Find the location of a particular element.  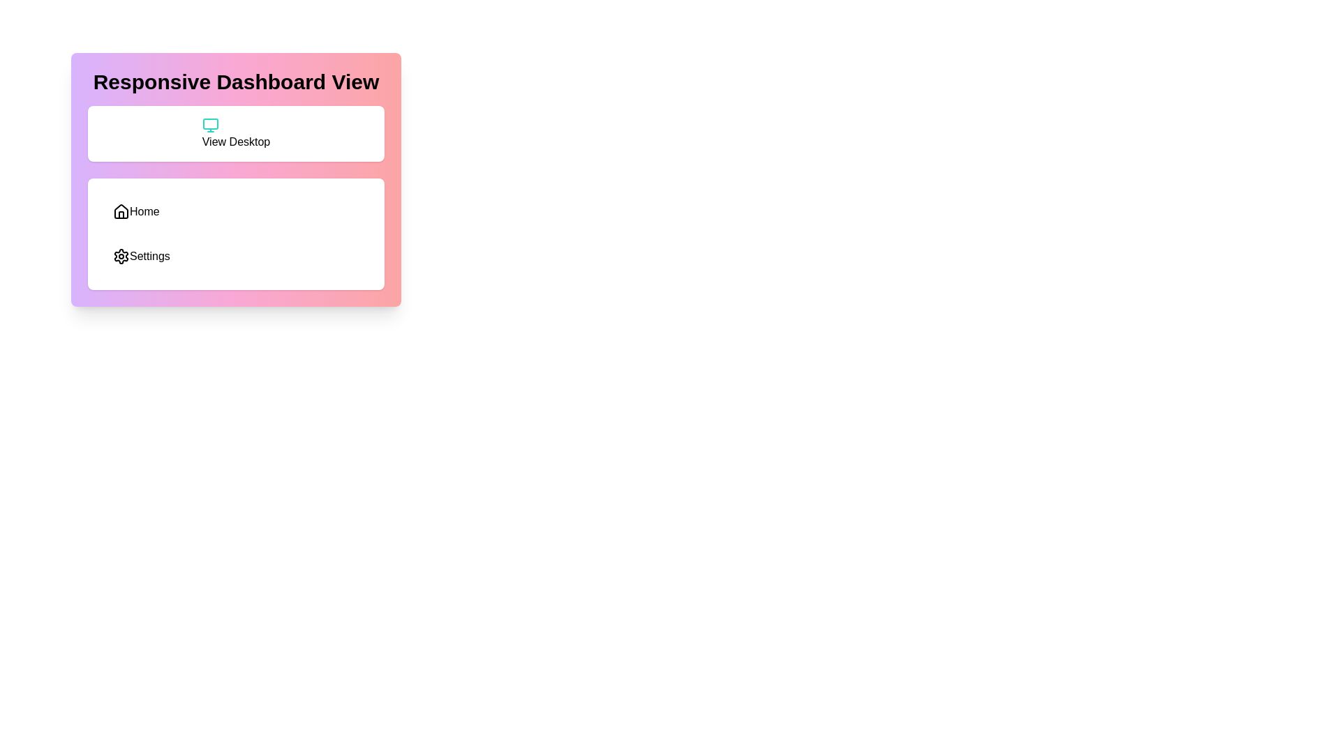

the settings button located in the lower part of the card-like section, directly below the 'Home' button is located at coordinates (141, 256).